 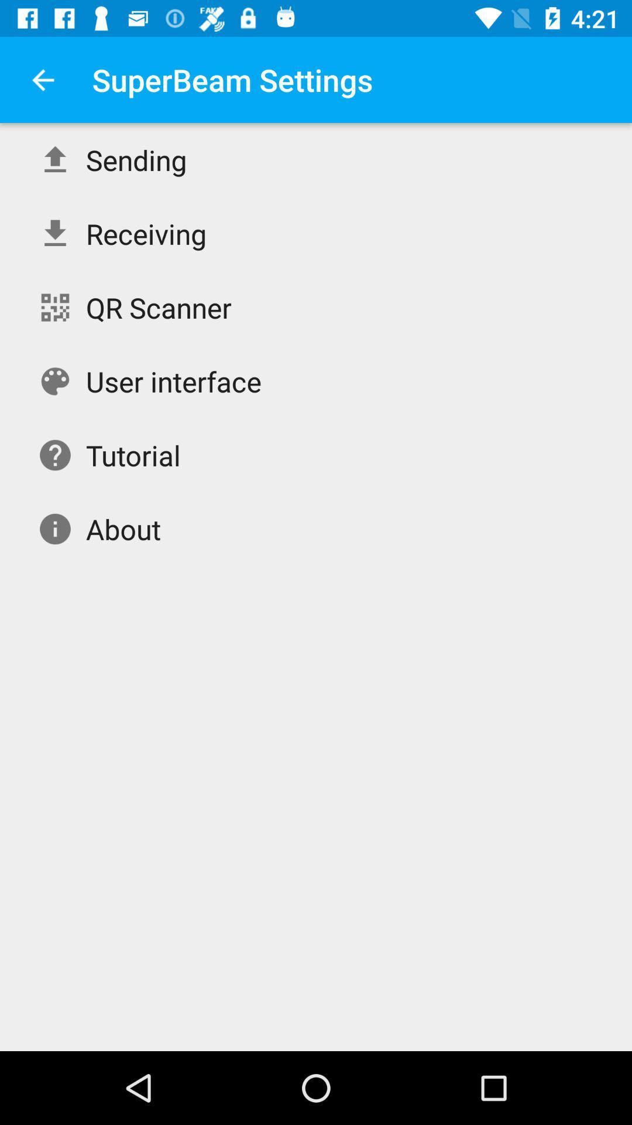 I want to click on app next to the superbeam settings, so click(x=42, y=79).